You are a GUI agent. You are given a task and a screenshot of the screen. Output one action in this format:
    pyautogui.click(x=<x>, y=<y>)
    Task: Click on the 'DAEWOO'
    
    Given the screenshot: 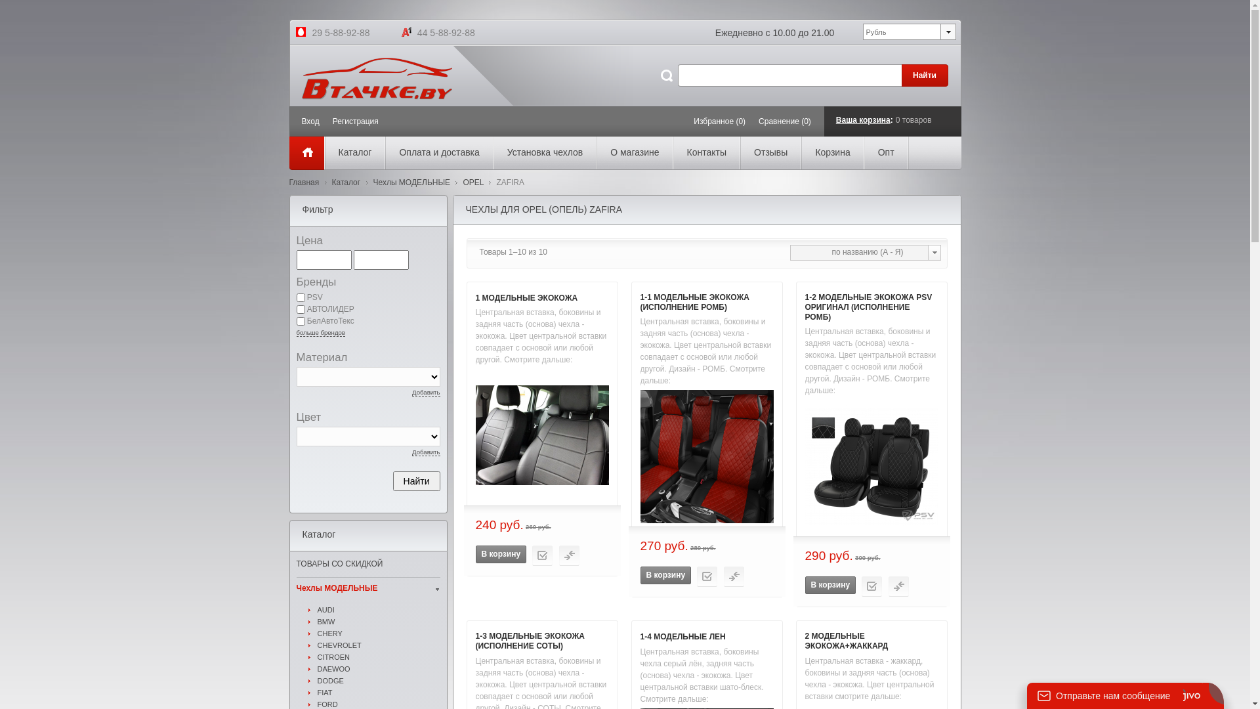 What is the action you would take?
    pyautogui.click(x=378, y=668)
    